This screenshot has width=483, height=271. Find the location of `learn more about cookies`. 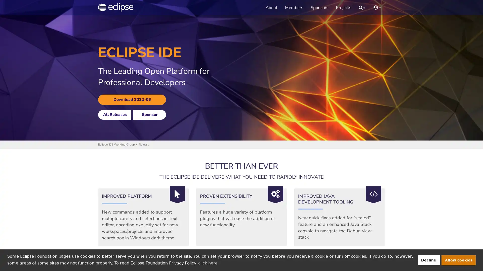

learn more about cookies is located at coordinates (208, 263).